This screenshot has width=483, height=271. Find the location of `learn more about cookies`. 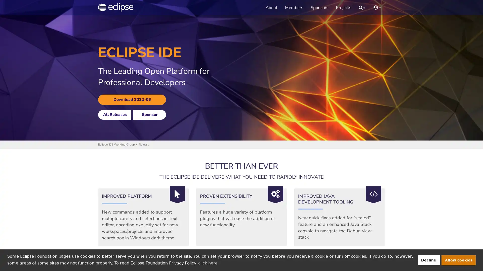

learn more about cookies is located at coordinates (208, 263).